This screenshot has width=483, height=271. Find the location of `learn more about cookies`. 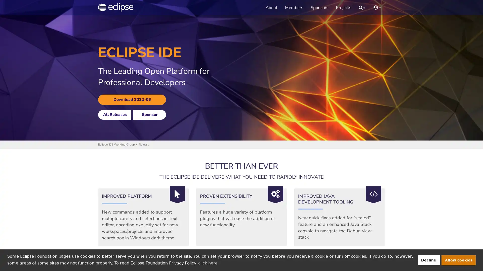

learn more about cookies is located at coordinates (208, 263).